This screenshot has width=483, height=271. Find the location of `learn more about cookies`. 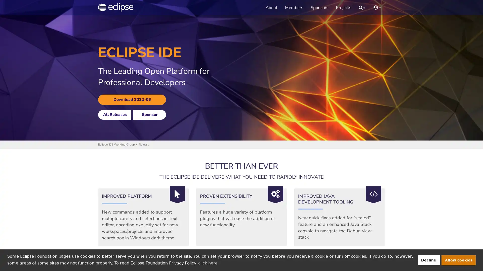

learn more about cookies is located at coordinates (208, 263).